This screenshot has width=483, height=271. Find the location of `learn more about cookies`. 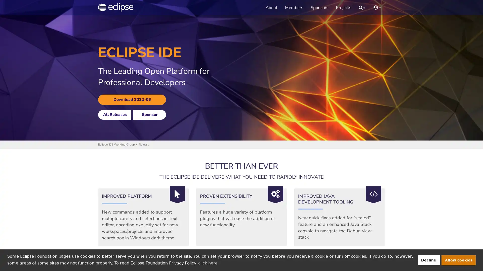

learn more about cookies is located at coordinates (208, 263).